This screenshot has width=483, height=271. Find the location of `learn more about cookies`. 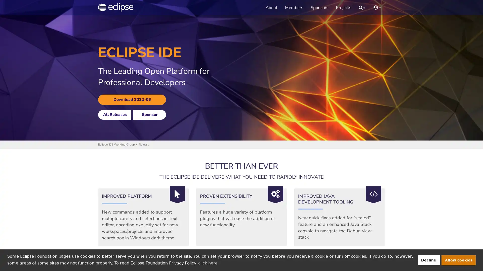

learn more about cookies is located at coordinates (208, 263).